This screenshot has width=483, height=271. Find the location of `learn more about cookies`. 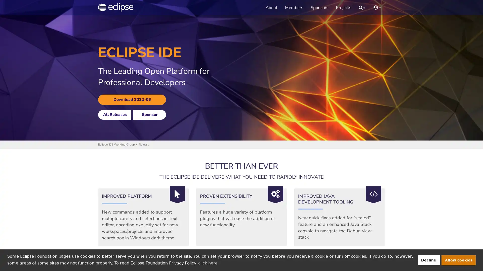

learn more about cookies is located at coordinates (208, 263).